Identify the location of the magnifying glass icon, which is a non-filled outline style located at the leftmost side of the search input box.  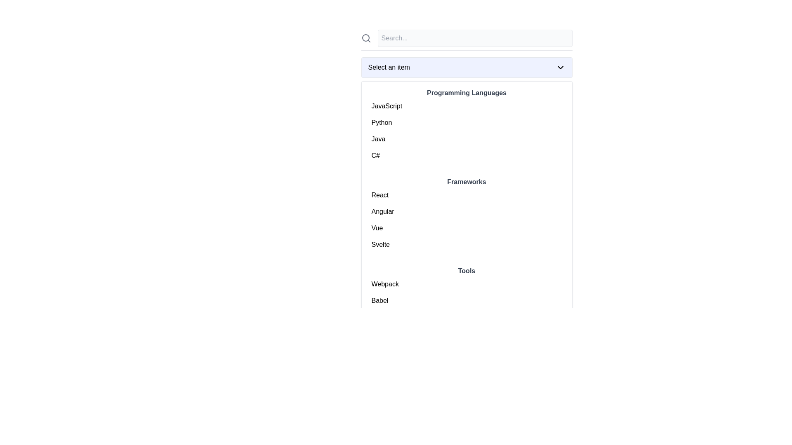
(365, 38).